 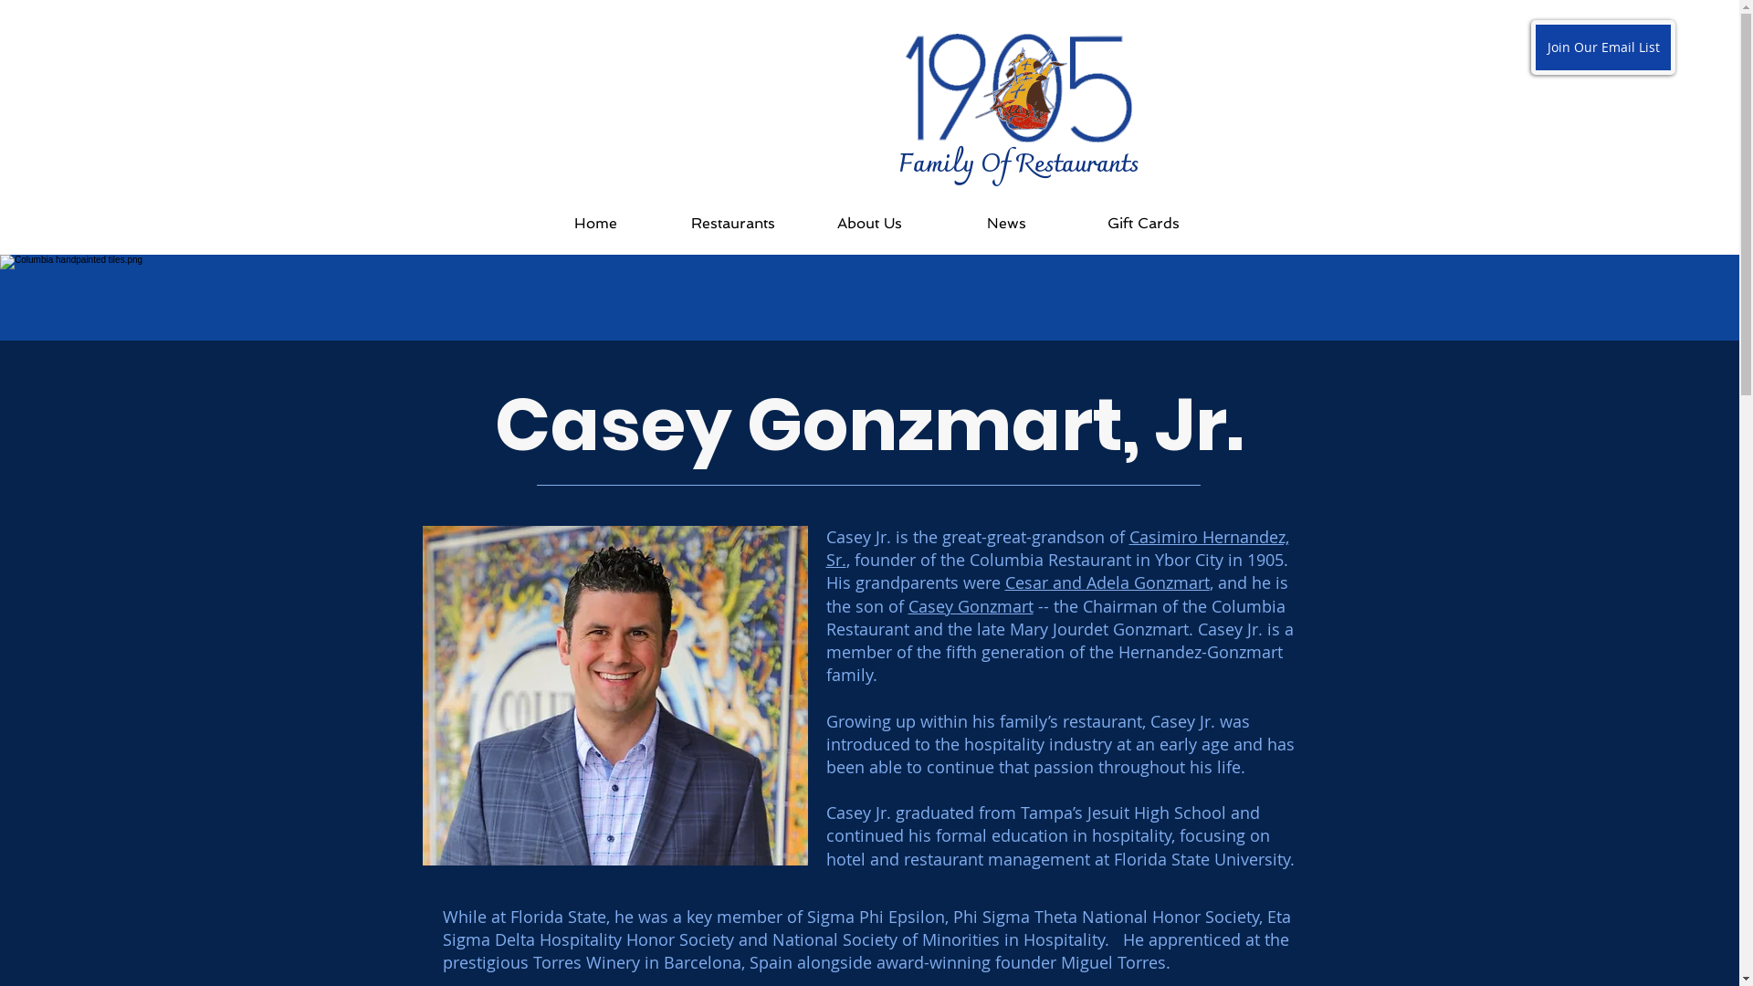 What do you see at coordinates (1018, 165) in the screenshot?
I see `'Family Of Restaurants'` at bounding box center [1018, 165].